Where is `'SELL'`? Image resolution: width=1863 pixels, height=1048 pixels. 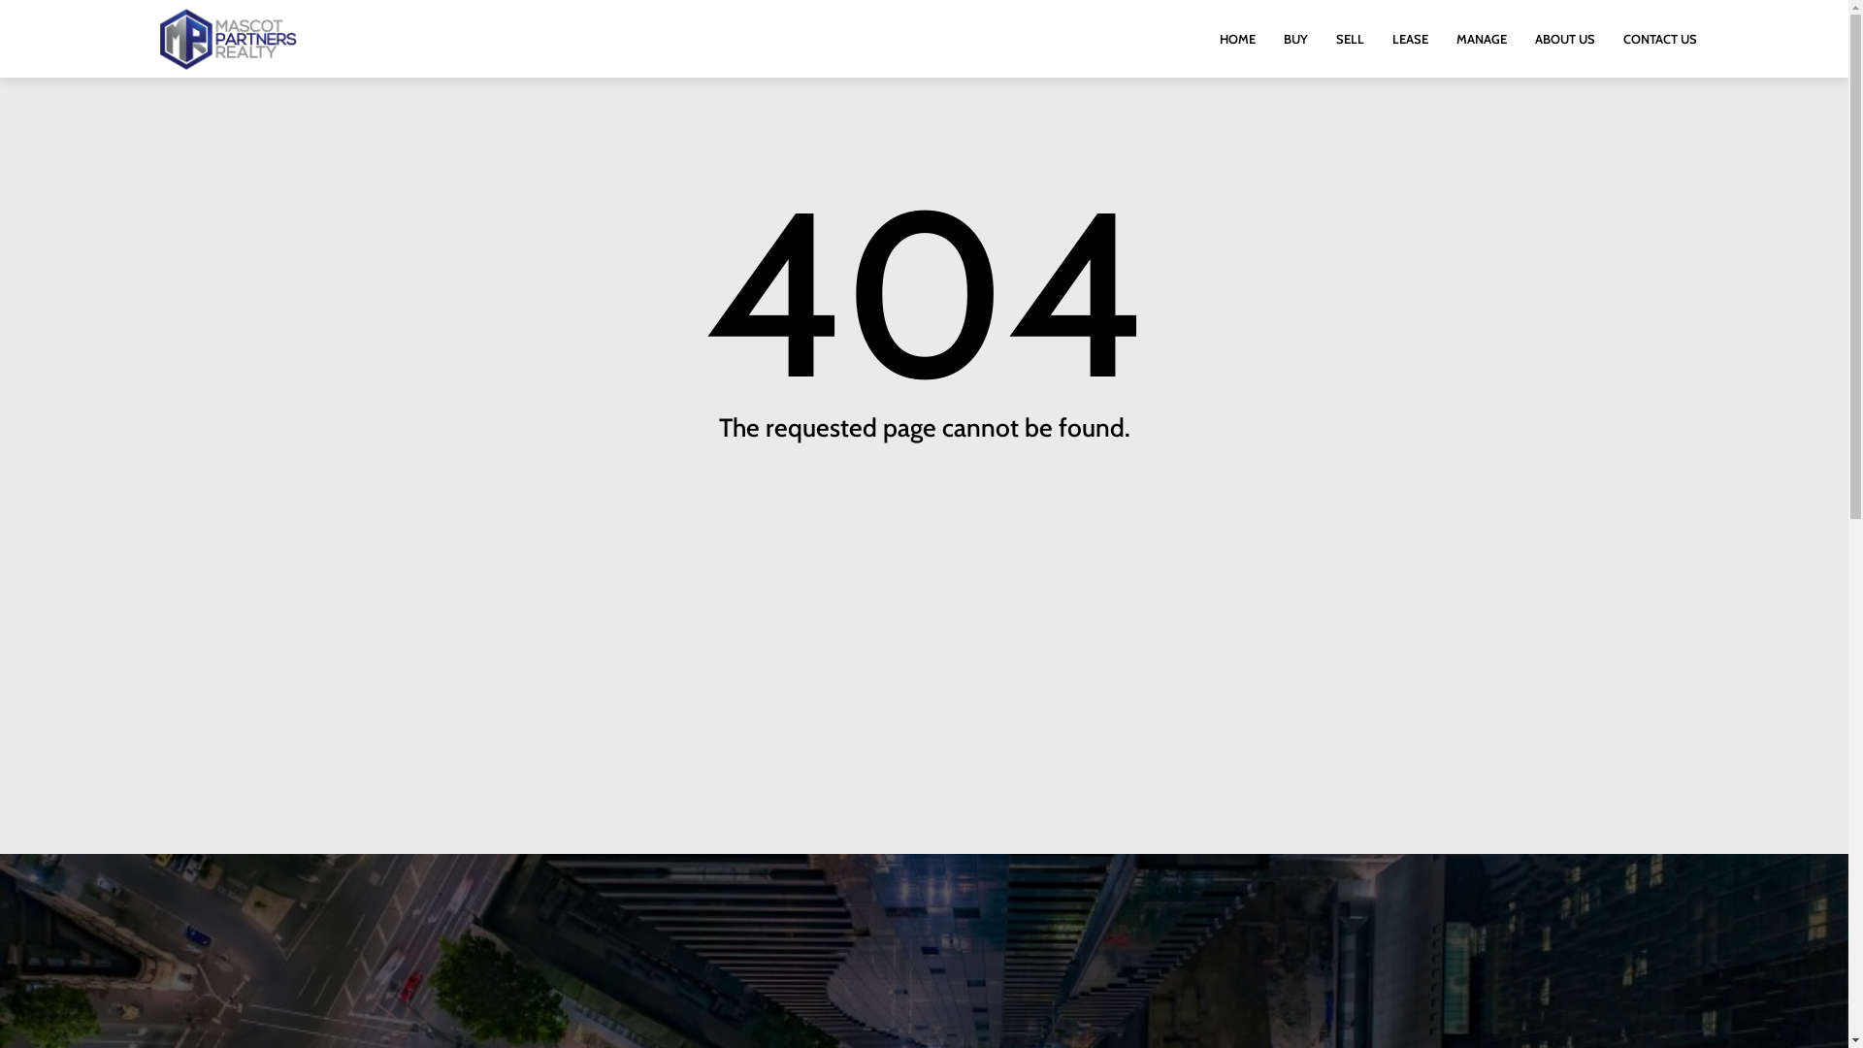 'SELL' is located at coordinates (1349, 38).